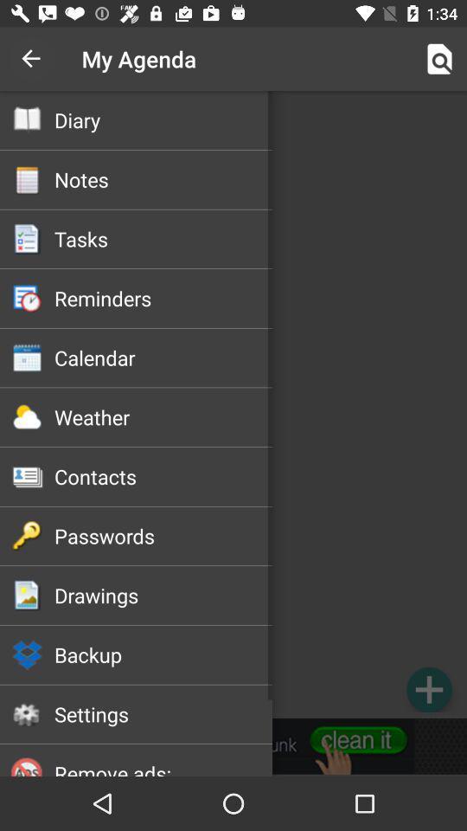 The height and width of the screenshot is (831, 467). I want to click on backup icon, so click(163, 654).